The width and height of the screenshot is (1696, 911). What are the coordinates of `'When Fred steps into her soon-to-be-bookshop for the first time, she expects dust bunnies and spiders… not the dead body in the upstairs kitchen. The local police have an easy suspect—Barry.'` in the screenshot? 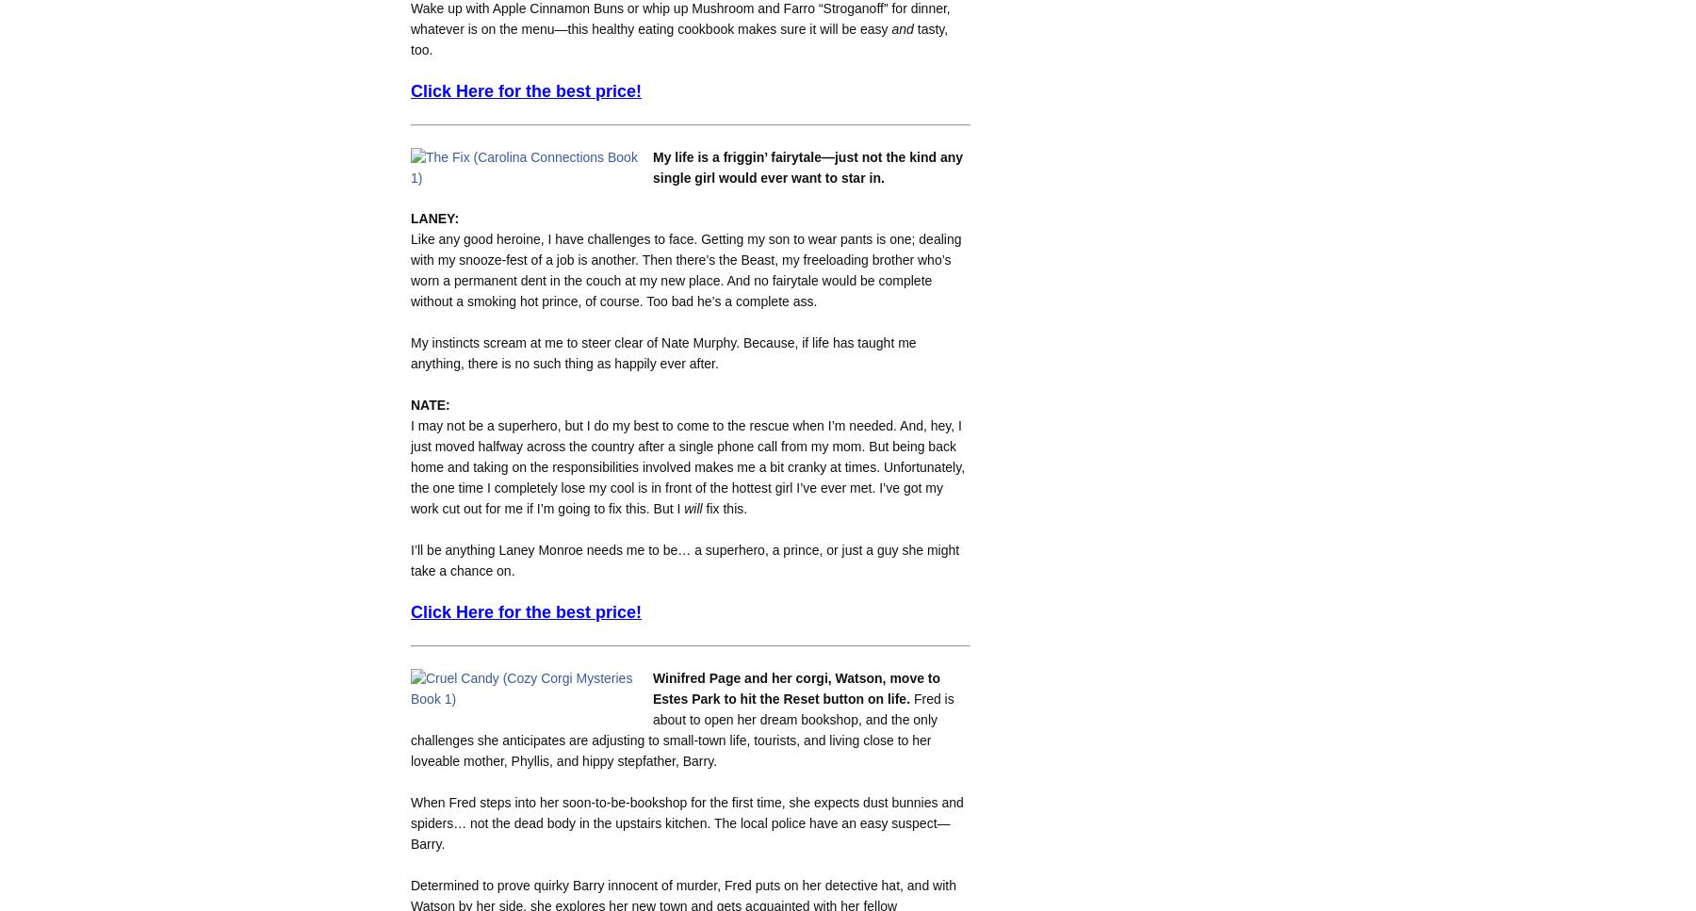 It's located at (686, 822).